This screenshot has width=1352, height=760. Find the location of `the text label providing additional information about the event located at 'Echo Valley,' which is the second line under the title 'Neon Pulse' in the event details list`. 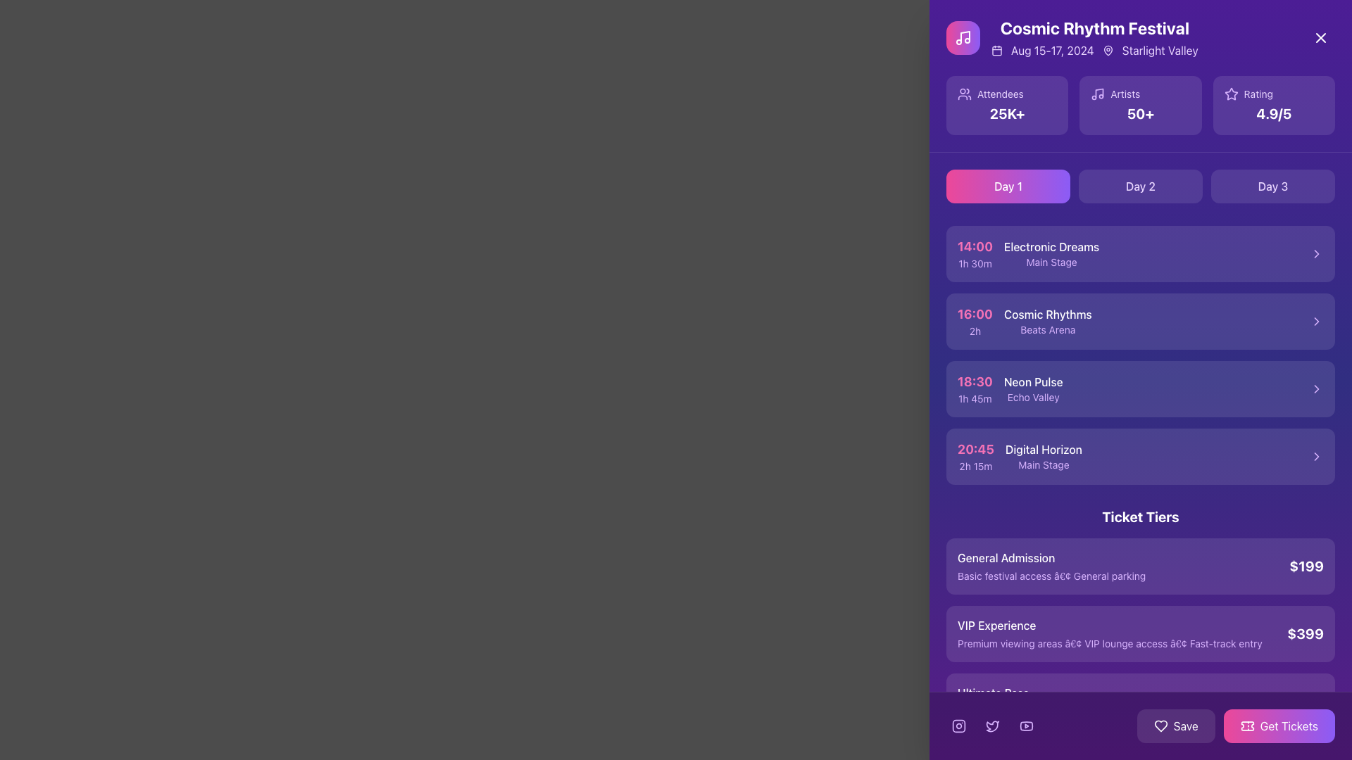

the text label providing additional information about the event located at 'Echo Valley,' which is the second line under the title 'Neon Pulse' in the event details list is located at coordinates (1033, 397).